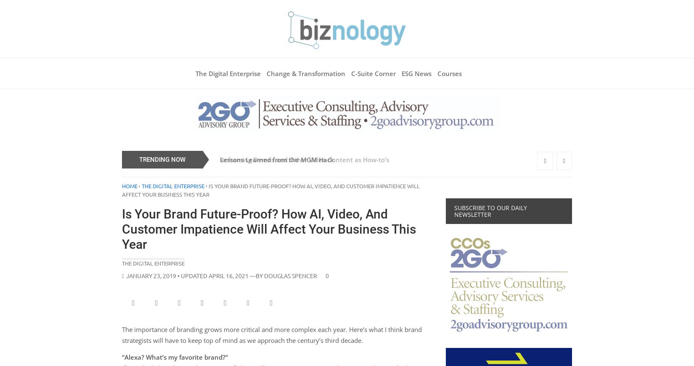  Describe the element at coordinates (139, 158) in the screenshot. I see `'Trending Now'` at that location.